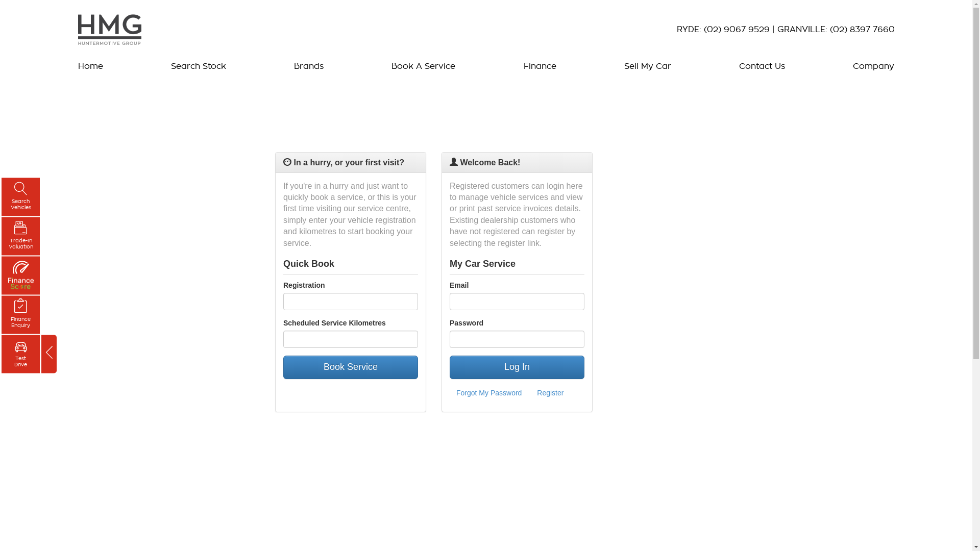 This screenshot has width=980, height=551. I want to click on 'Book A Service', so click(423, 66).